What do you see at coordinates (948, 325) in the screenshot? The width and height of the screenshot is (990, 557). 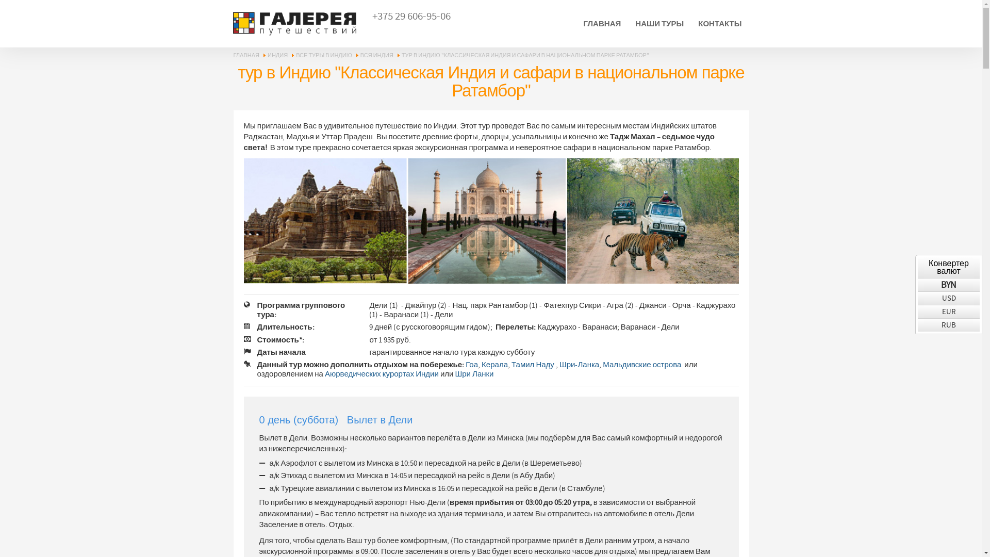 I see `'RUB'` at bounding box center [948, 325].